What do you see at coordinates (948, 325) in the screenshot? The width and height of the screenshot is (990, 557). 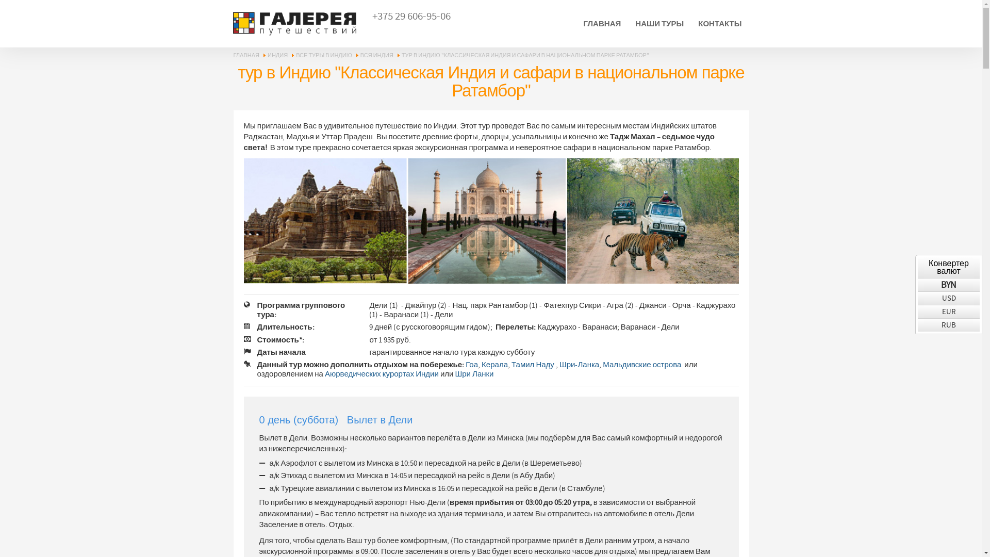 I see `'RUB'` at bounding box center [948, 325].